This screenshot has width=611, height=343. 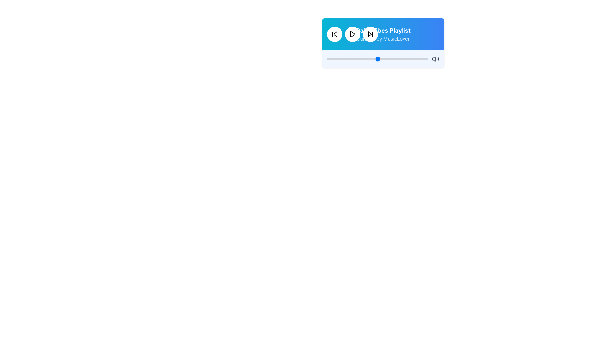 What do you see at coordinates (356, 59) in the screenshot?
I see `slider value` at bounding box center [356, 59].